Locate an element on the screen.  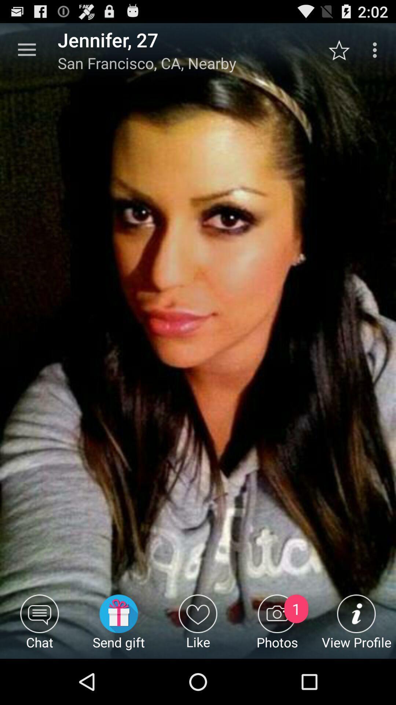
item above view profile icon is located at coordinates (343, 50).